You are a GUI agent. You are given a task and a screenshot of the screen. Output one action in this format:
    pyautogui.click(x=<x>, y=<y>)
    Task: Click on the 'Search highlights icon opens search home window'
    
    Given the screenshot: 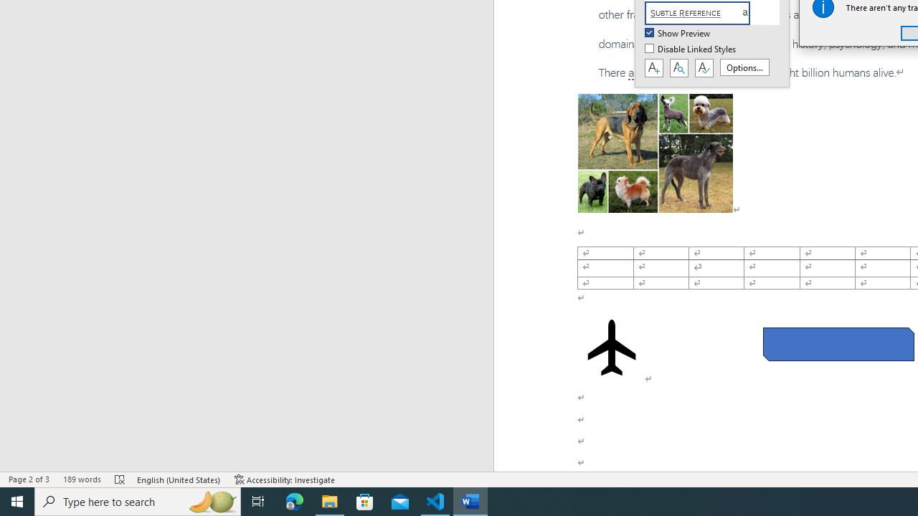 What is the action you would take?
    pyautogui.click(x=211, y=500)
    